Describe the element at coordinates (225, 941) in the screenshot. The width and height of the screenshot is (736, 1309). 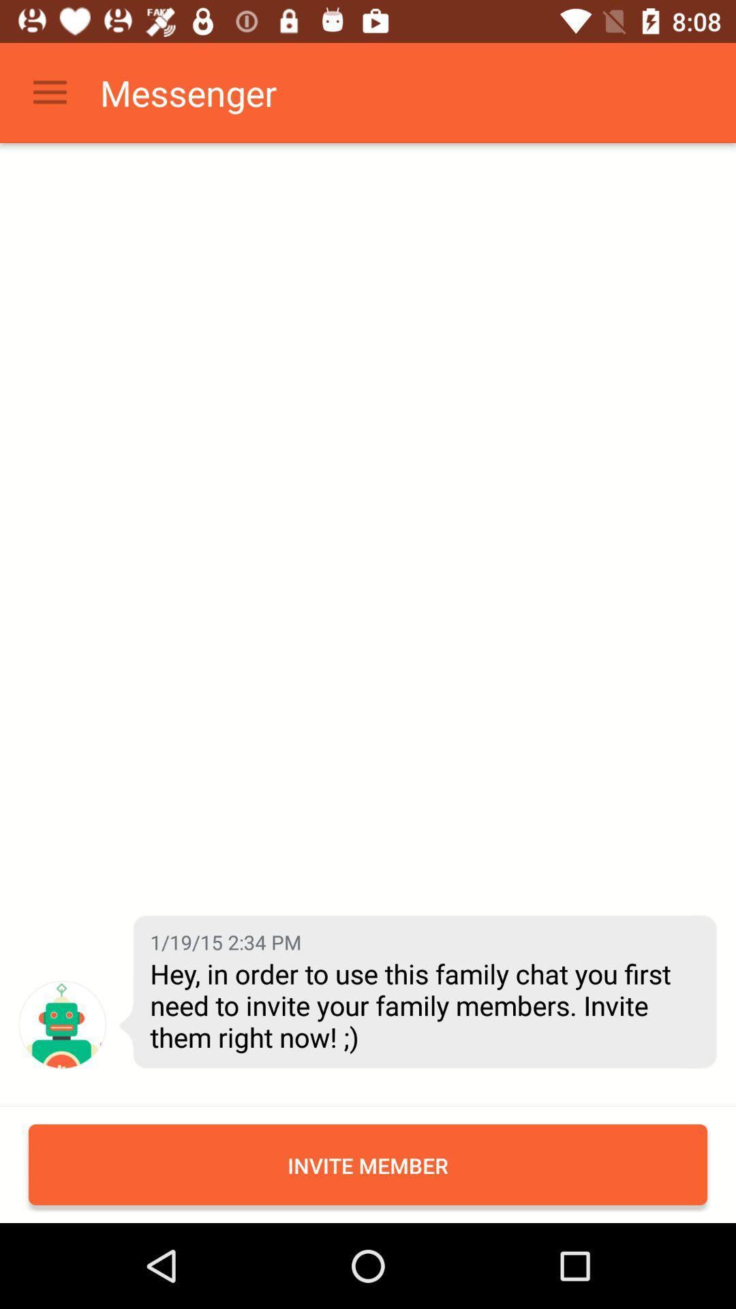
I see `item below the messenger icon` at that location.